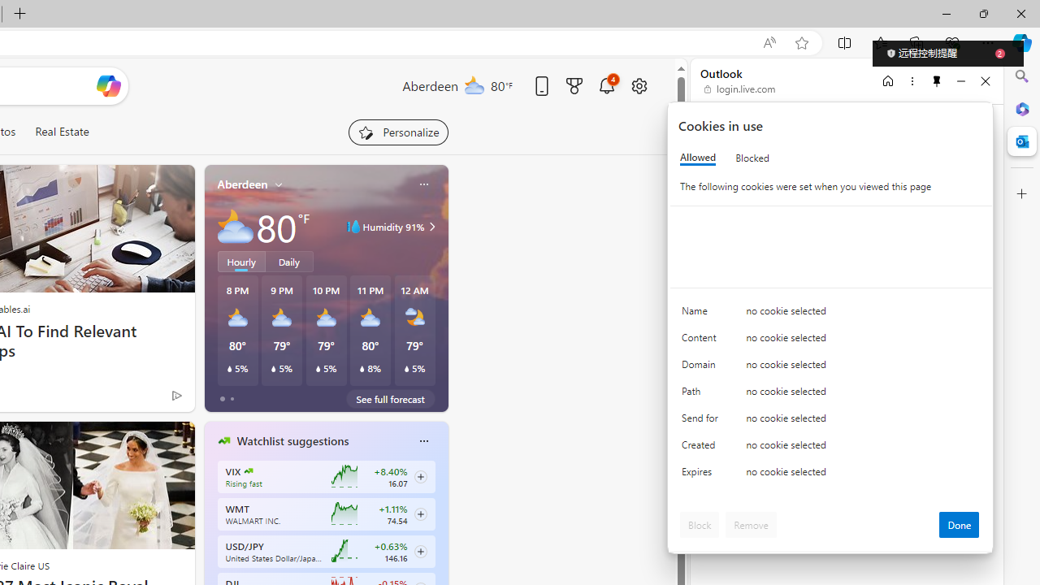  I want to click on 'tab-0', so click(221, 399).